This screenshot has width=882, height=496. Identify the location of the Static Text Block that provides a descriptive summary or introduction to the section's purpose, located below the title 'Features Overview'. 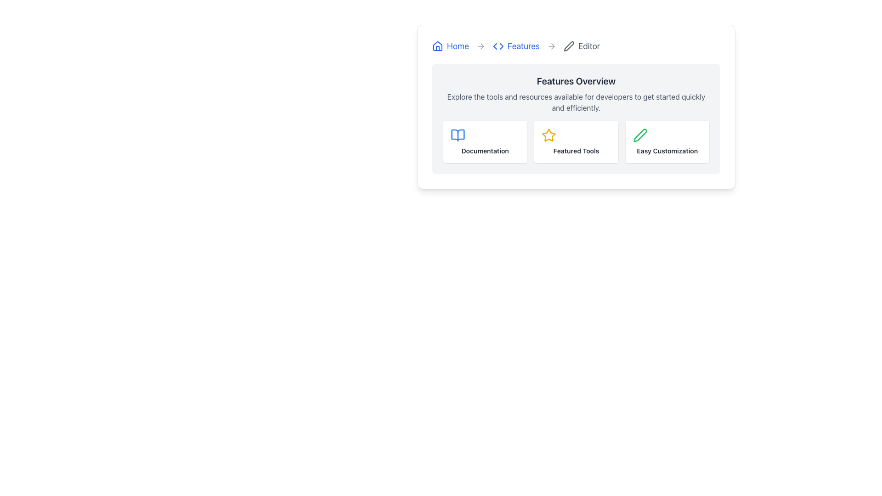
(576, 102).